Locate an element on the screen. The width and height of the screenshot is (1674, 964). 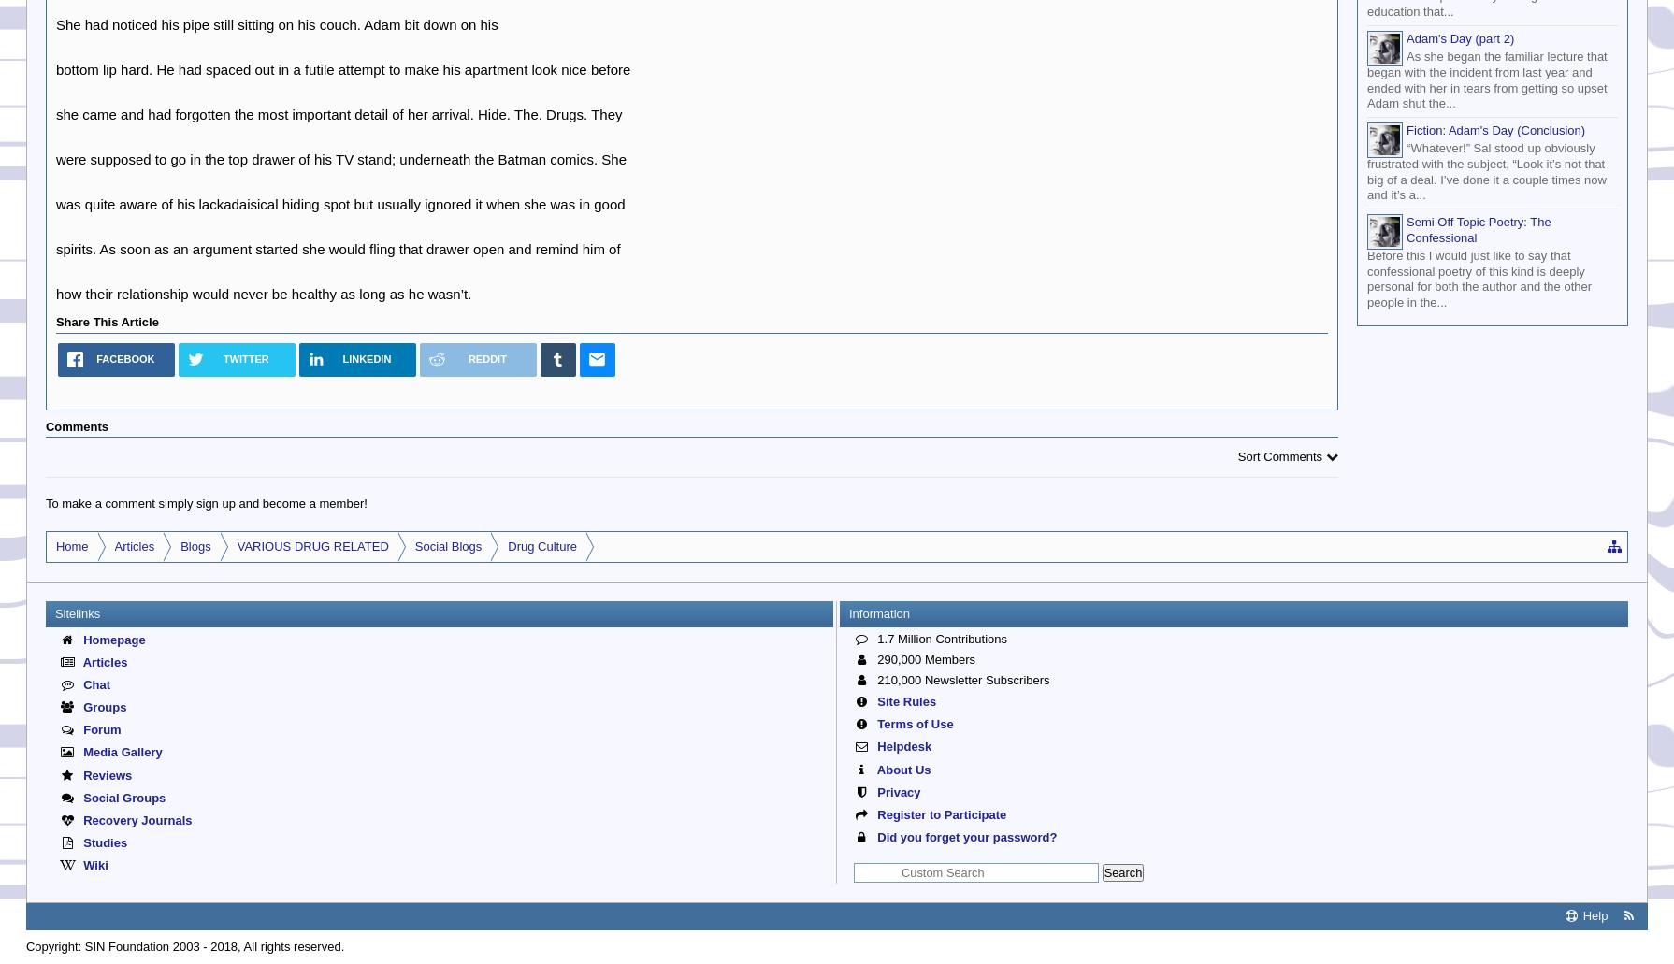
'Tumblr' is located at coordinates (560, 373).